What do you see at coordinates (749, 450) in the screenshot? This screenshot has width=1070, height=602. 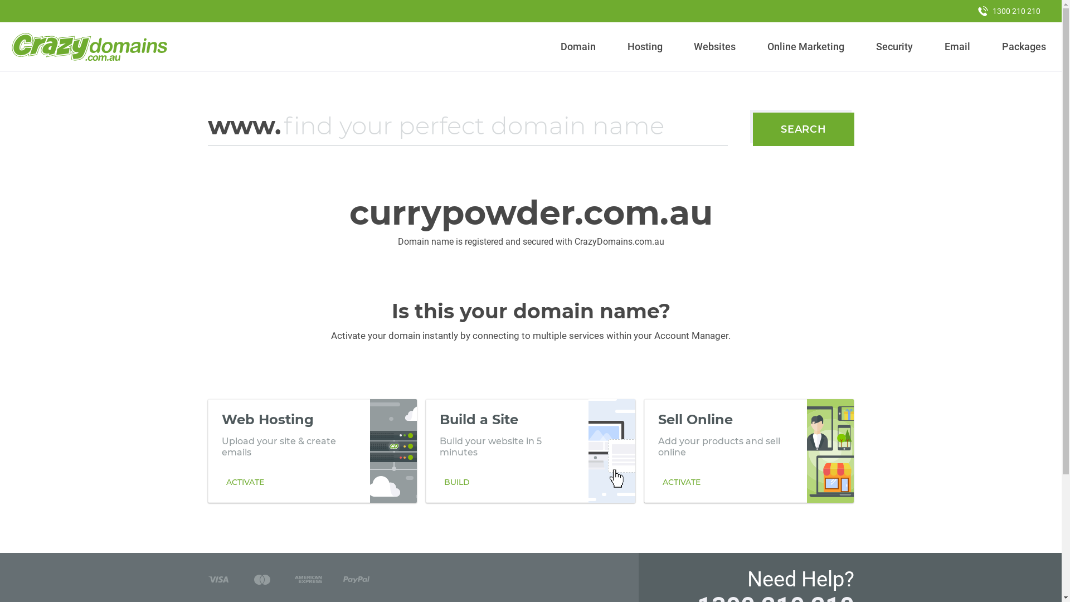 I see `'Sell Online` at bounding box center [749, 450].